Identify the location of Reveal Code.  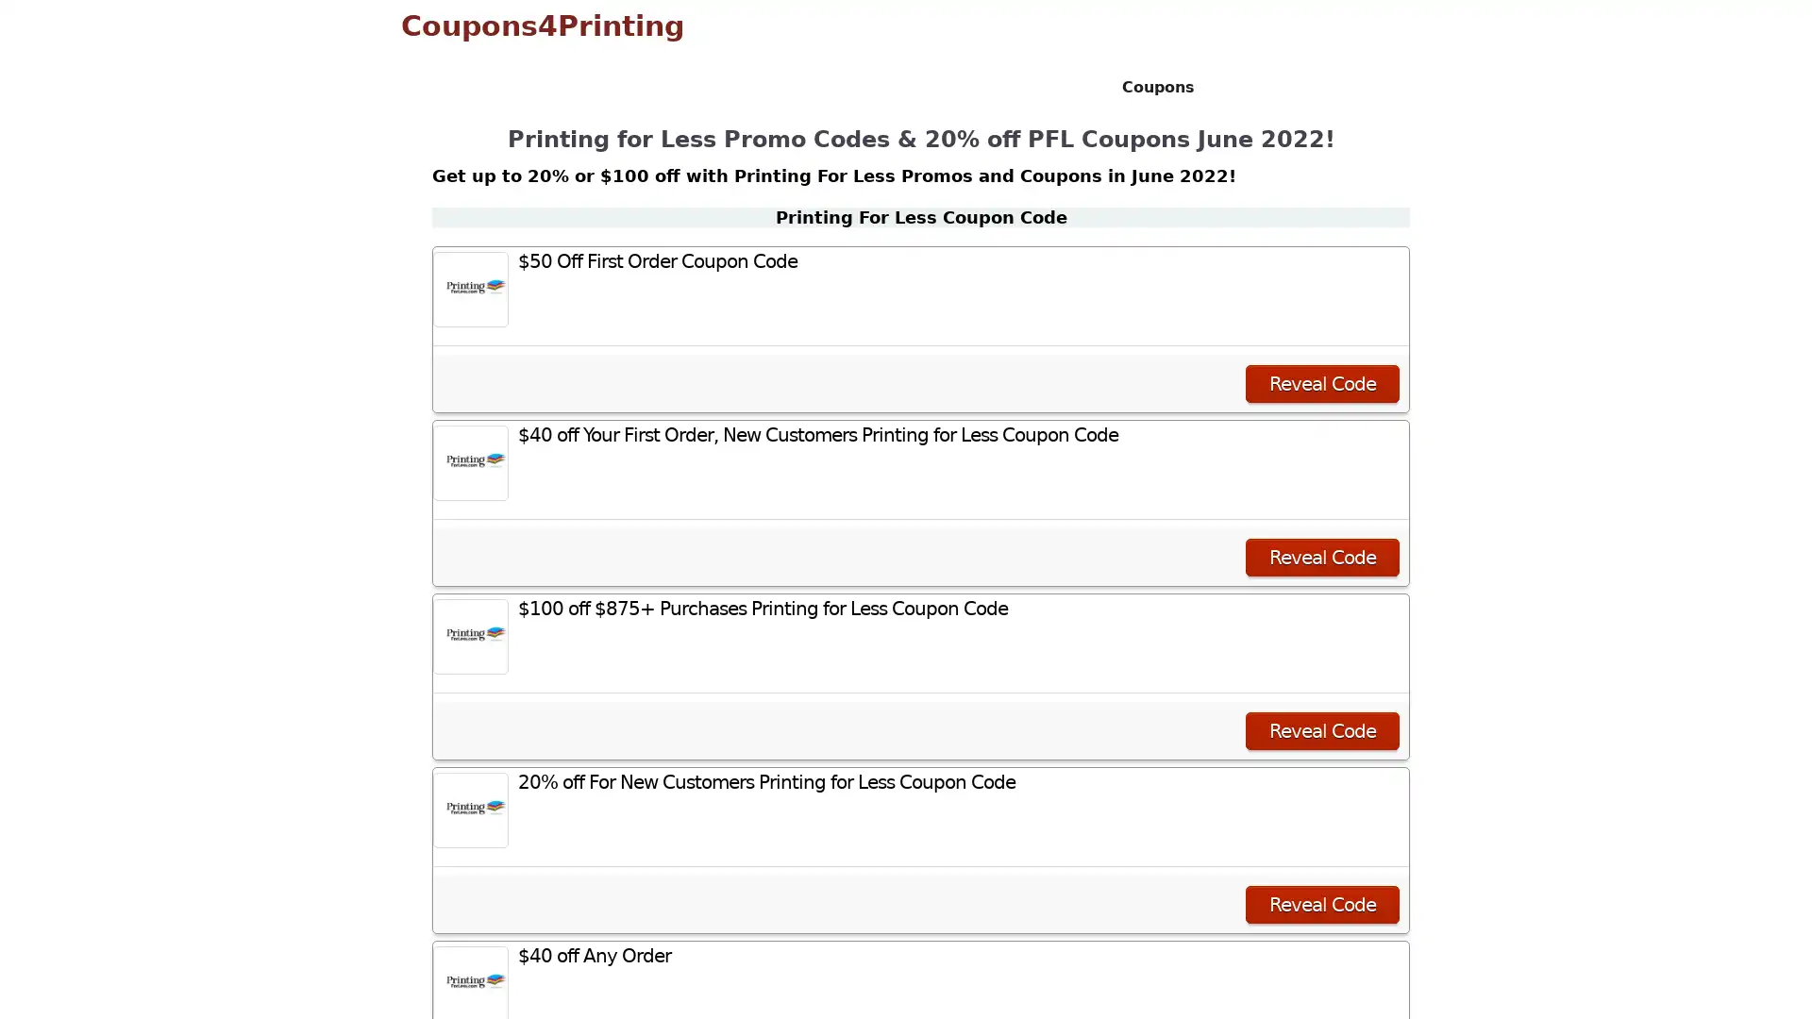
(1321, 556).